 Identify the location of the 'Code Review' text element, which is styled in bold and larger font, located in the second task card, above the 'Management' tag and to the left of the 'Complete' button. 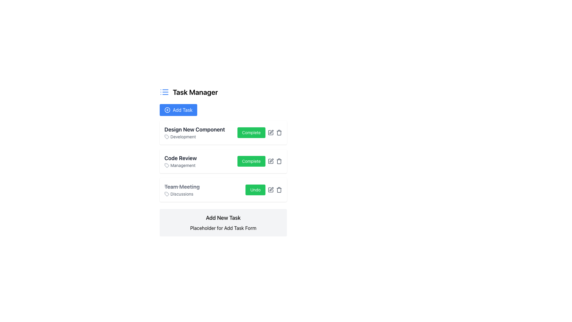
(180, 161).